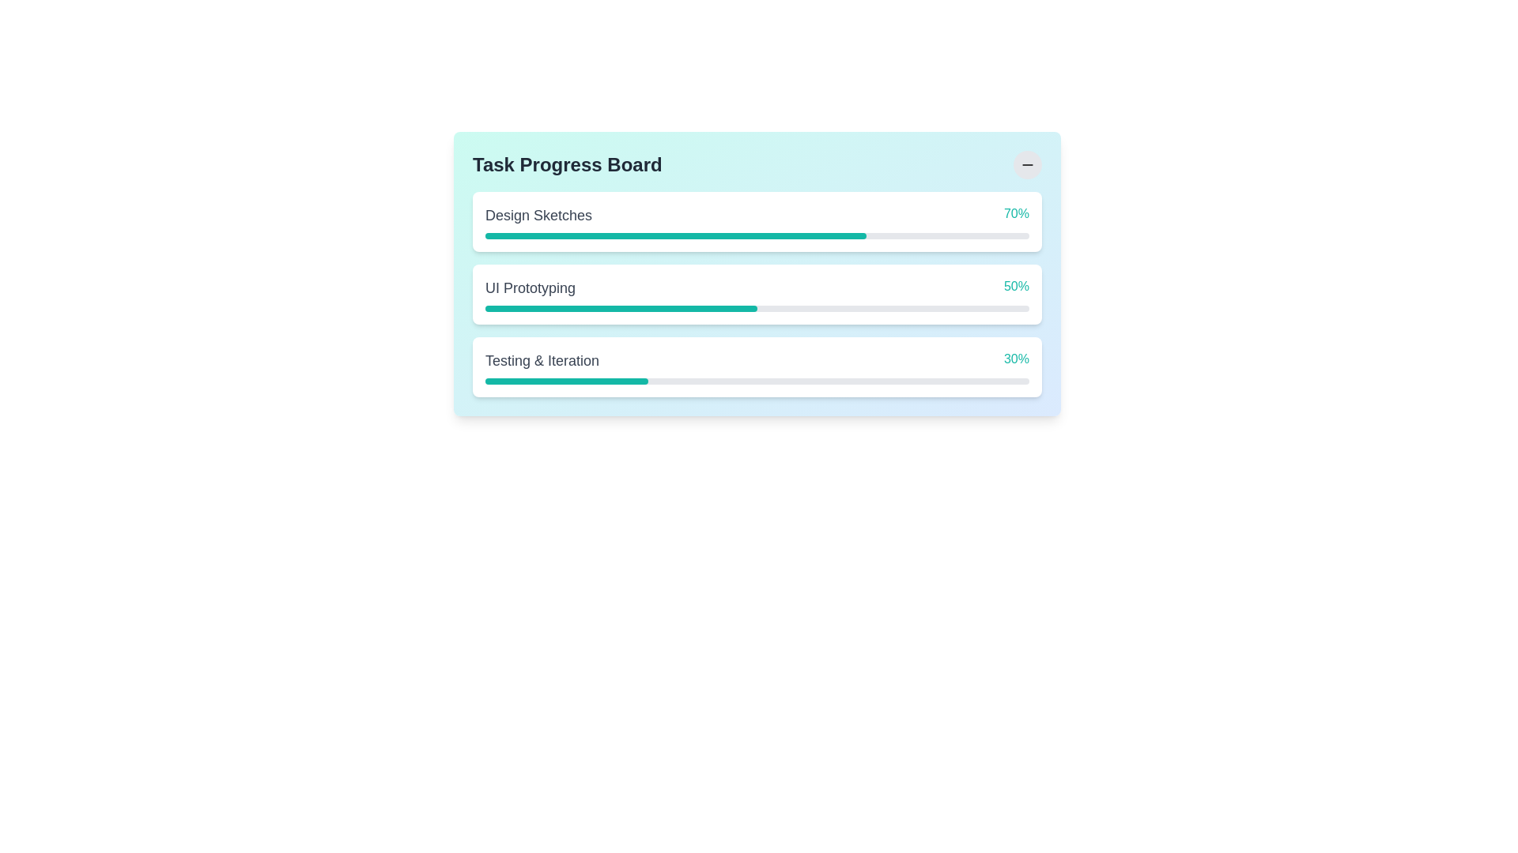 The height and width of the screenshot is (853, 1518). I want to click on the static text display that shows '70%' in teal color, located on the right side of the progress board interface adjacent to the 'Design Sketches' progress bar, so click(1017, 216).